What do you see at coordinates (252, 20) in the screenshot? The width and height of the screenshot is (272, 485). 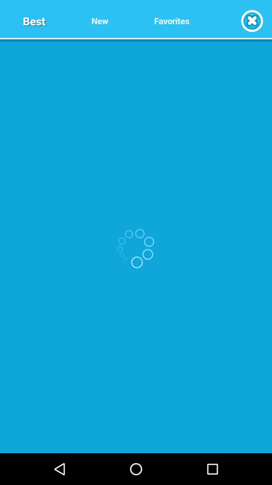 I see `page` at bounding box center [252, 20].